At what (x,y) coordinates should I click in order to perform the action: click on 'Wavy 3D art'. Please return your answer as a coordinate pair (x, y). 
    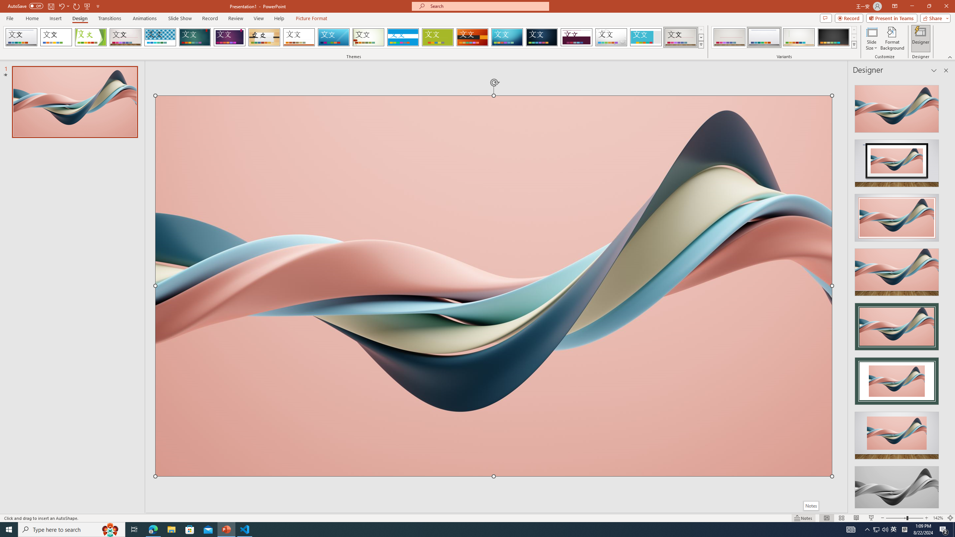
    Looking at the image, I should click on (493, 285).